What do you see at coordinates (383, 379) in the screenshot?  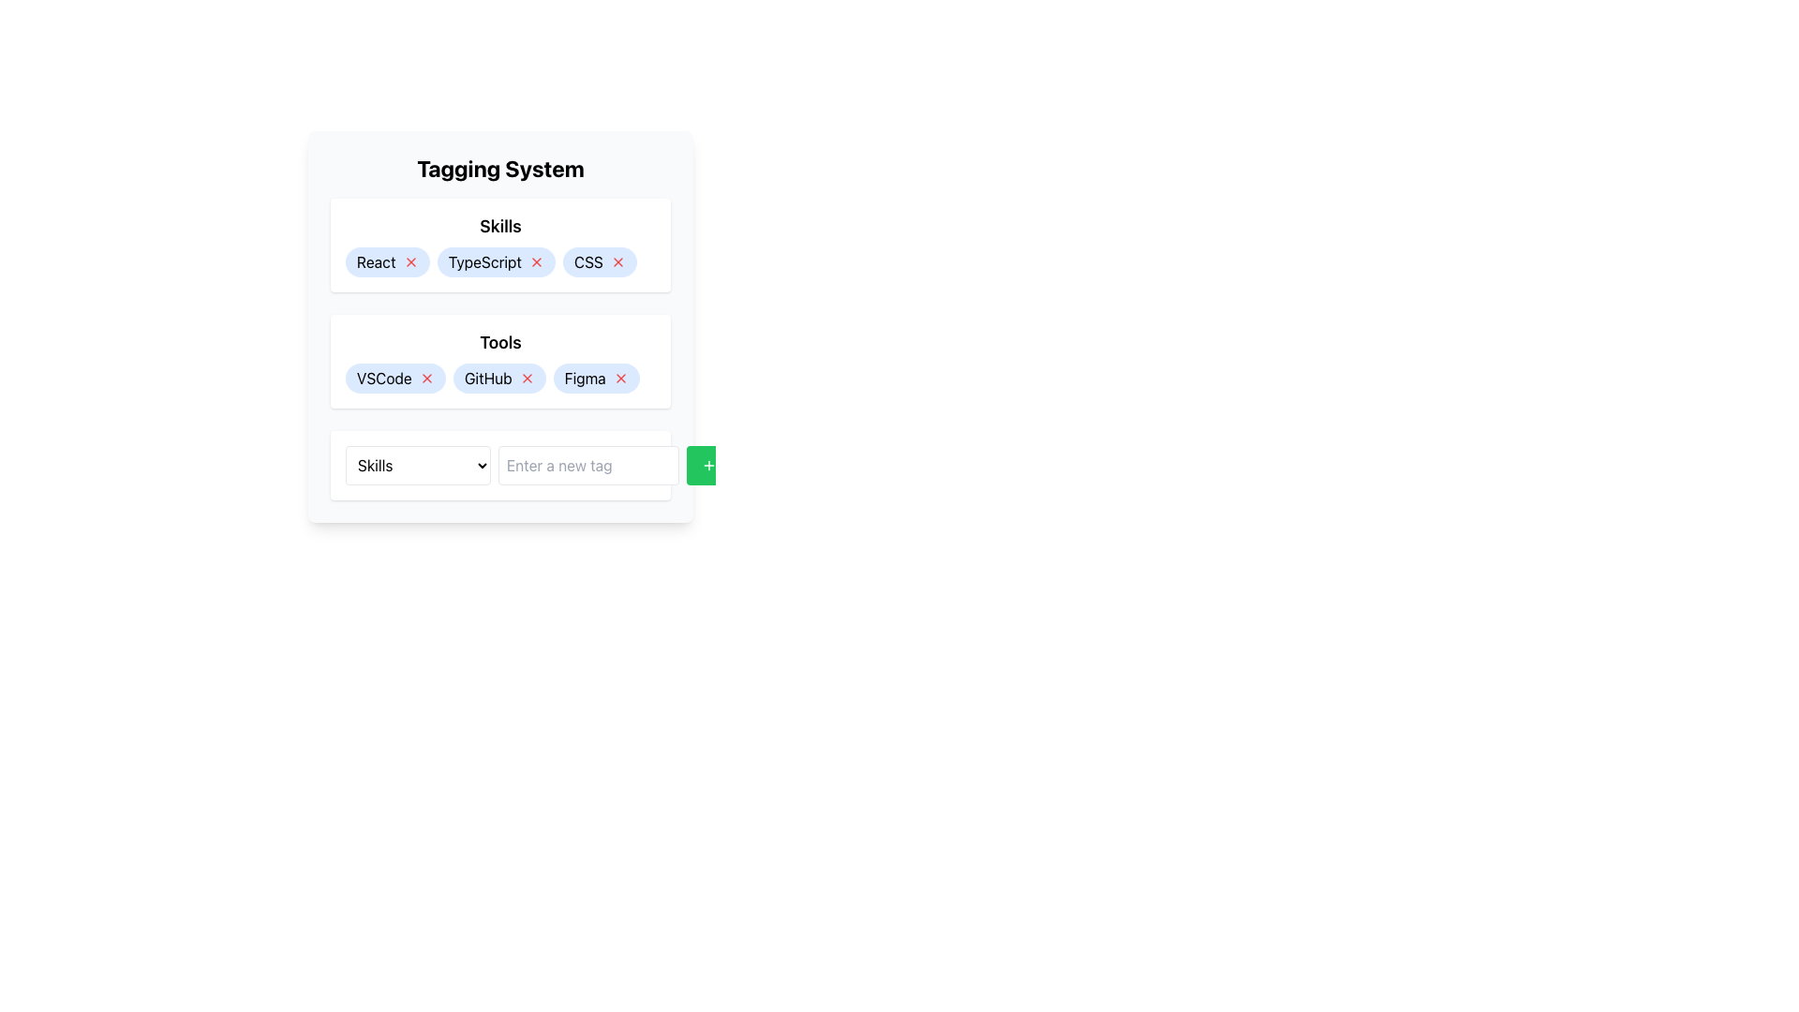 I see `the text label 'VSCode' which indicates a selected tool in the tagging interface, located in the badge group under the 'Tools' header` at bounding box center [383, 379].